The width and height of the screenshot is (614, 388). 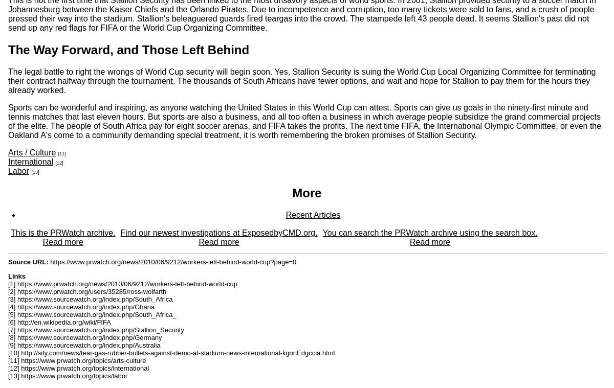 I want to click on '[1] https://www.prwatch.org/news/2010/06/9212/workers-left-behind-world-cup', so click(x=122, y=283).